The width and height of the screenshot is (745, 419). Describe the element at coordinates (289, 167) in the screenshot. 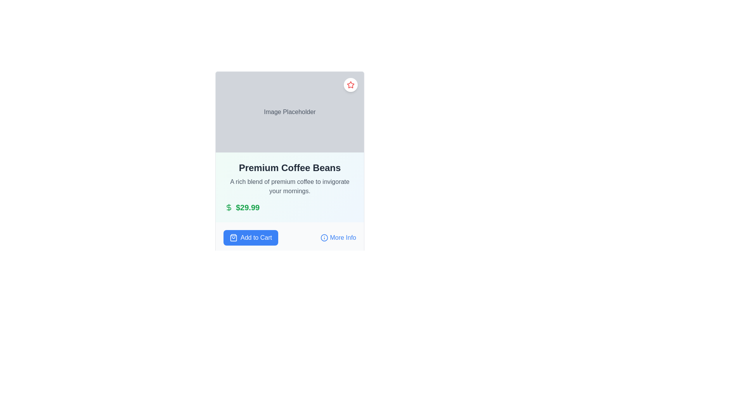

I see `the Text Label that serves as a descriptive title for the product, located at the center of the card layout above the description and price label` at that location.